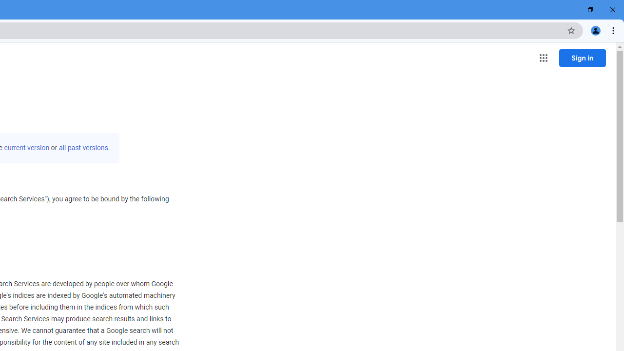 This screenshot has height=351, width=624. What do you see at coordinates (27, 148) in the screenshot?
I see `'current version'` at bounding box center [27, 148].